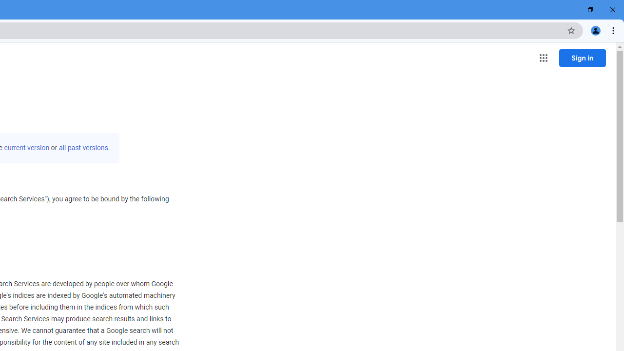 This screenshot has height=351, width=624. What do you see at coordinates (27, 148) in the screenshot?
I see `'current version'` at bounding box center [27, 148].